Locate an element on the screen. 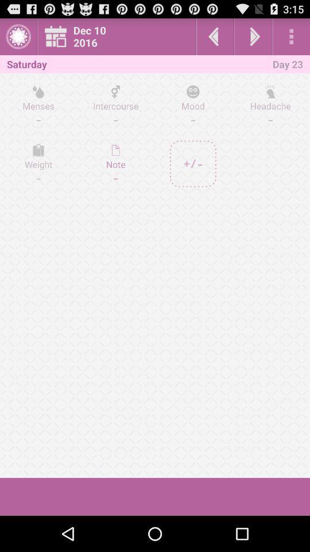 The height and width of the screenshot is (552, 310). previous day is located at coordinates (215, 36).